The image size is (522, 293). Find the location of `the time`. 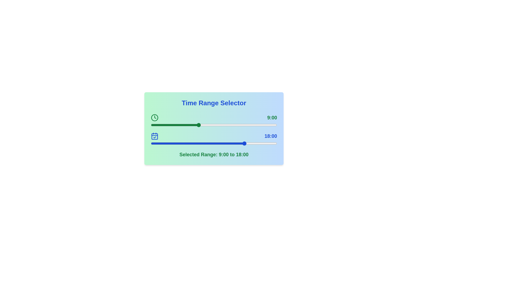

the time is located at coordinates (188, 143).